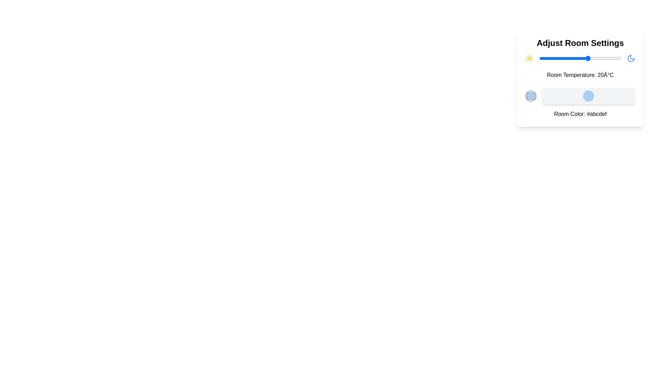  Describe the element at coordinates (615, 58) in the screenshot. I see `the temperature slider to set the temperature to 36°C` at that location.